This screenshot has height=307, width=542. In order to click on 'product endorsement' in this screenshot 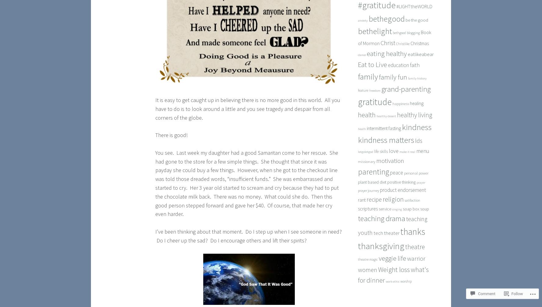, I will do `click(403, 190)`.